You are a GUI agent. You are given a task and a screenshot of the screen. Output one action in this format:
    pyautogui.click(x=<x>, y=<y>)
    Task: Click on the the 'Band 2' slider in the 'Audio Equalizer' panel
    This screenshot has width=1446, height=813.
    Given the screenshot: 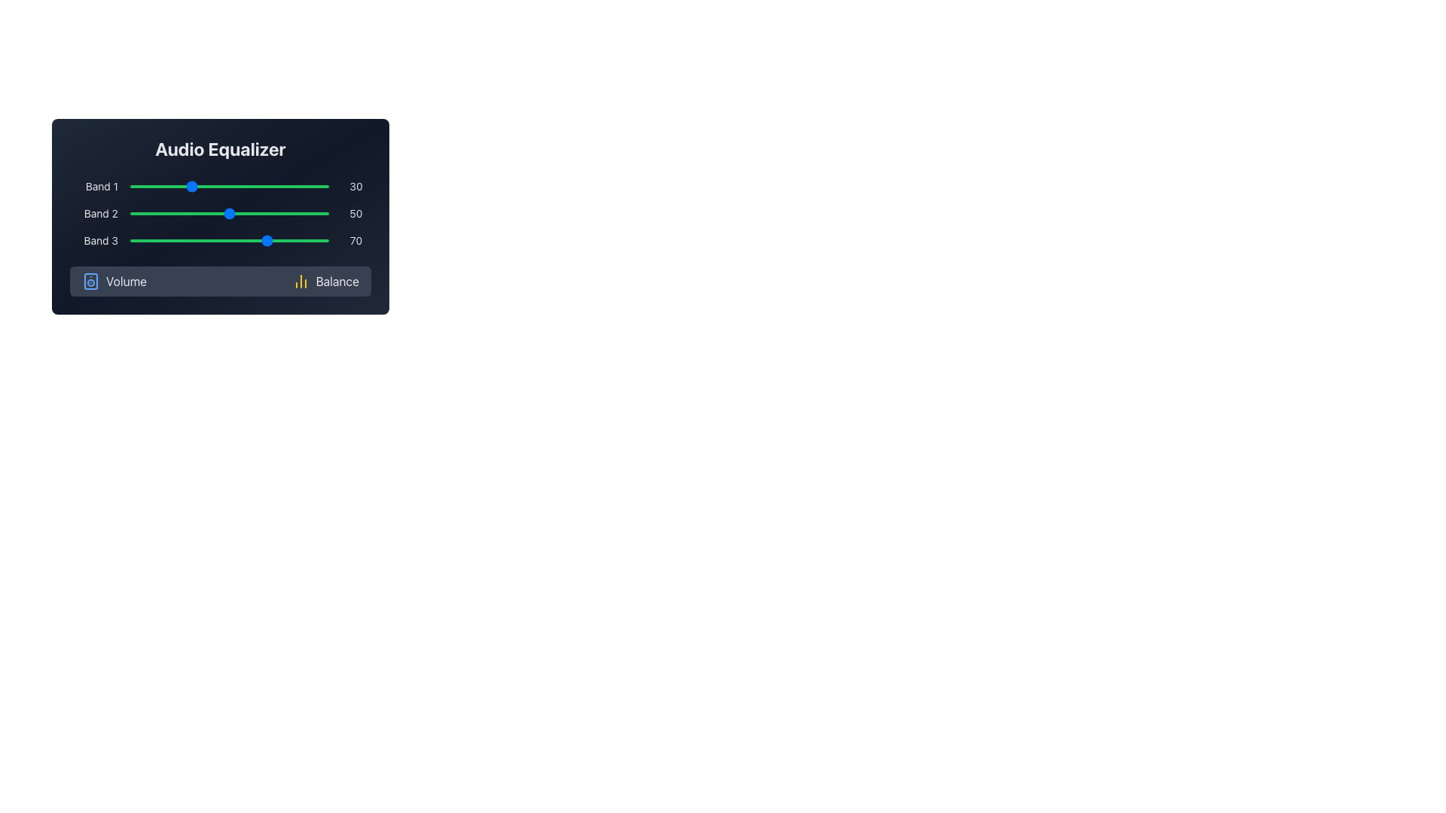 What is the action you would take?
    pyautogui.click(x=229, y=214)
    